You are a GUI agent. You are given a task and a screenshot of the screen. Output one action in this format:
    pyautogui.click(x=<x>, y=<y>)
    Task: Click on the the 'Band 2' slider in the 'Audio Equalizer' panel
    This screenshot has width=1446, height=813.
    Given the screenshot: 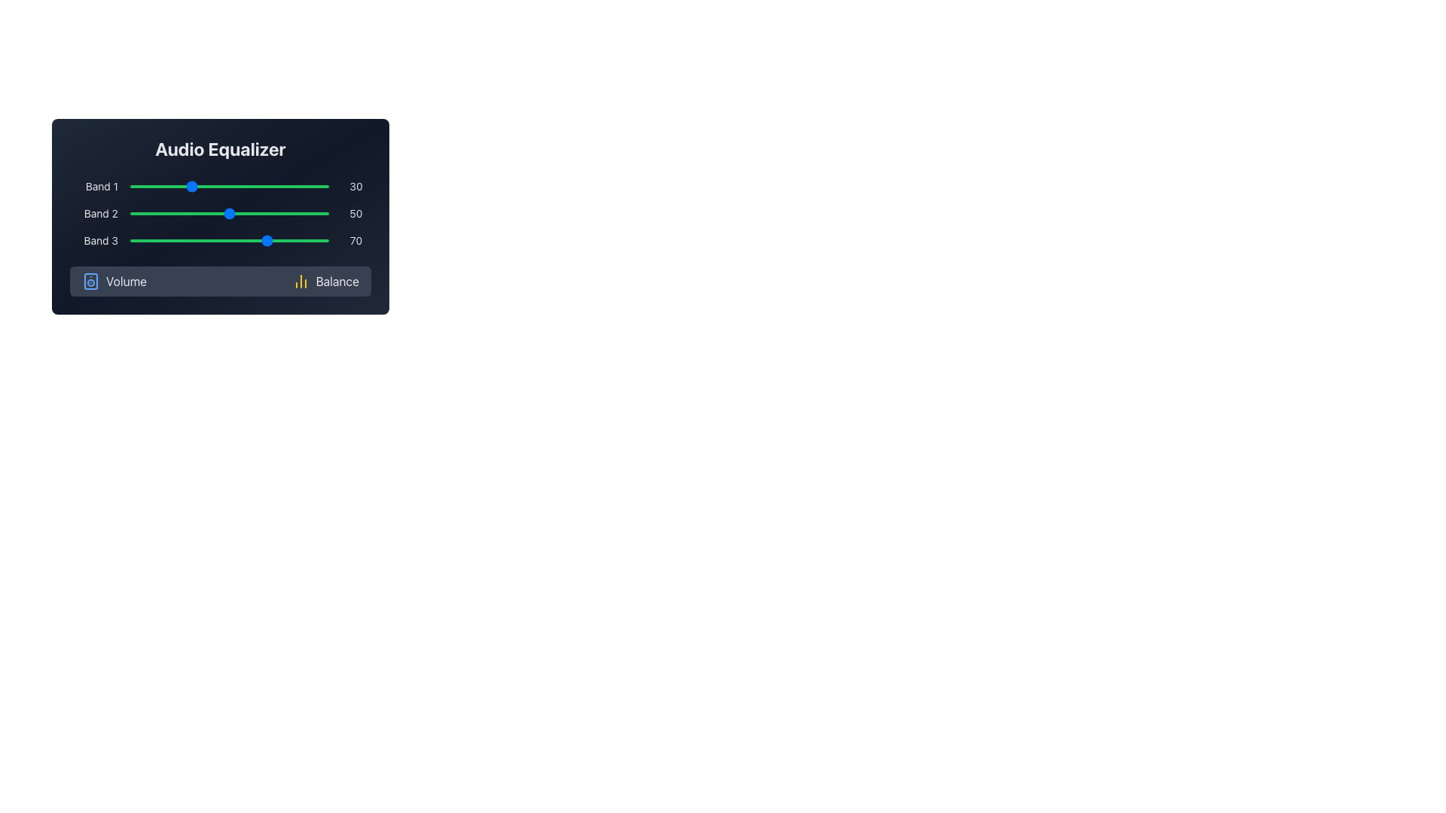 What is the action you would take?
    pyautogui.click(x=229, y=214)
    